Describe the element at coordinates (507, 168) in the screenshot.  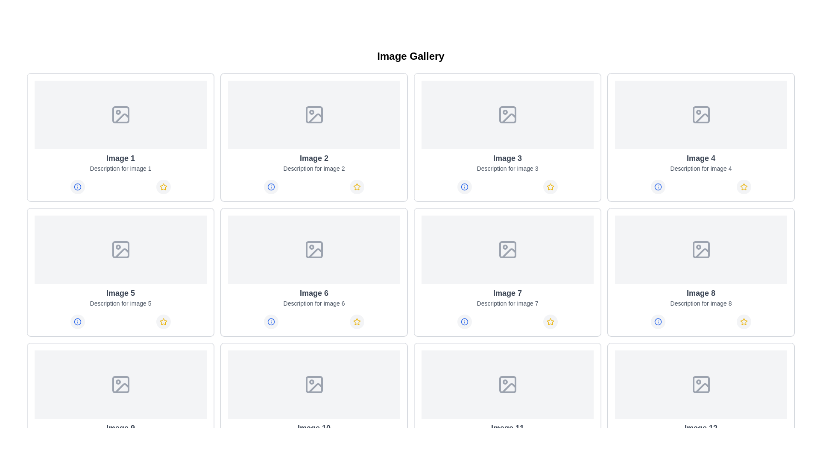
I see `the text label displaying 'Description for image 3', which is located beneath the title 'Image 3' in the third gallery item of the grid layout` at that location.